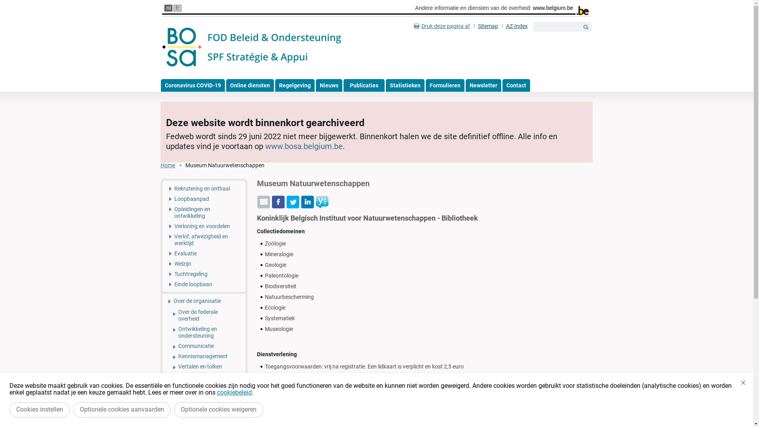 The width and height of the screenshot is (759, 427). Describe the element at coordinates (483, 85) in the screenshot. I see `'Newsletter'` at that location.